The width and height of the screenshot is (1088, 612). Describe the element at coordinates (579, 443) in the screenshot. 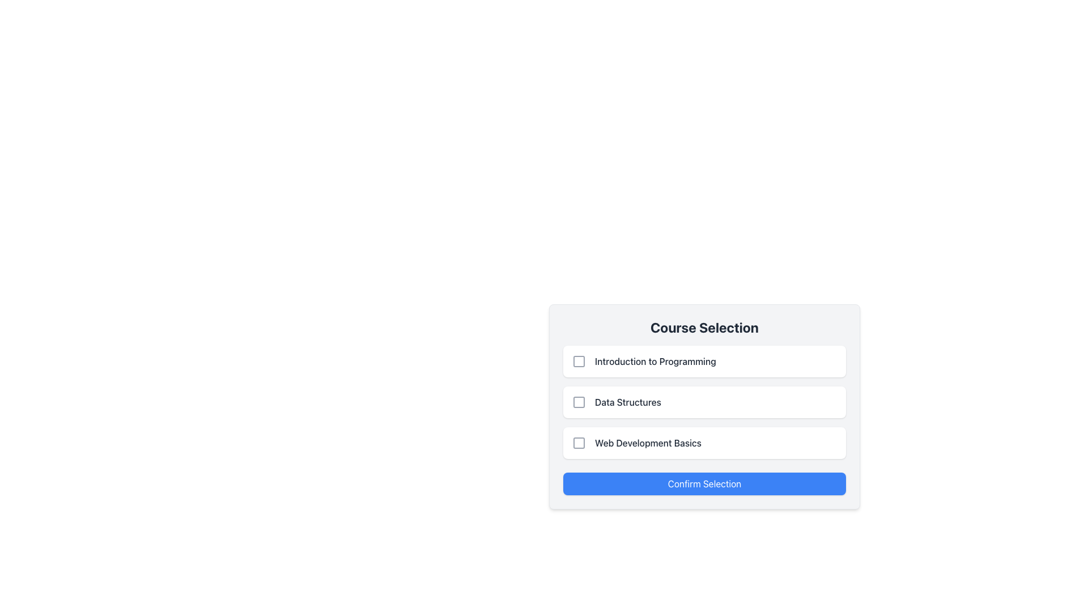

I see `the unselected checkbox for the 'Web Development Basics' course` at that location.